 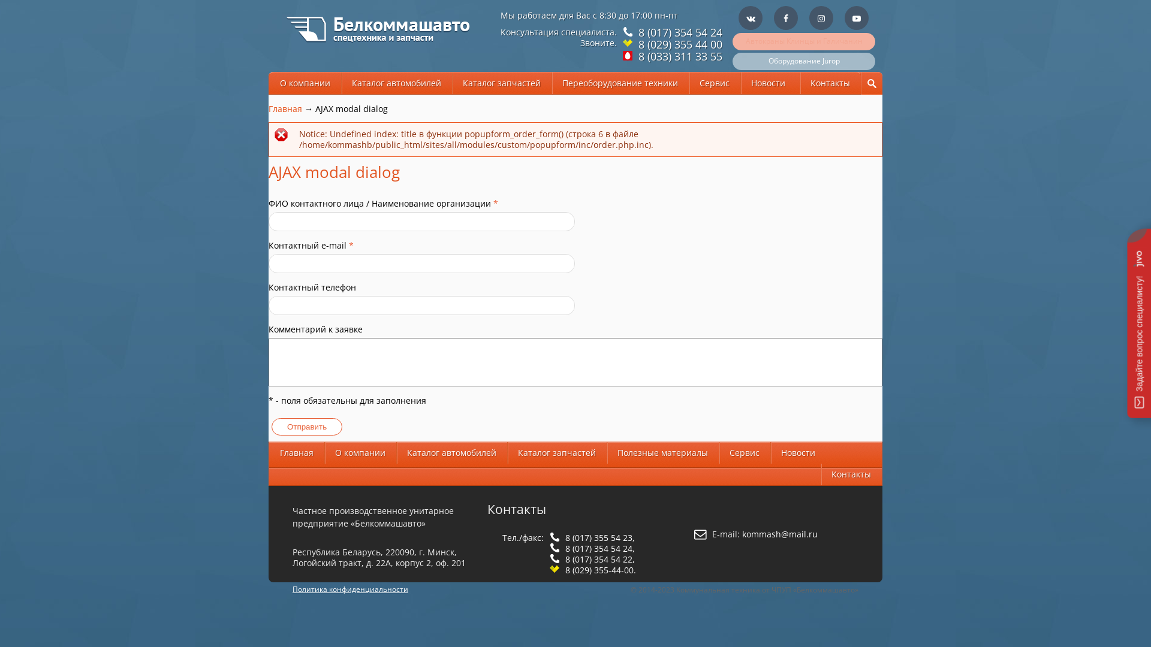 What do you see at coordinates (779, 533) in the screenshot?
I see `'kommash@mail.ru'` at bounding box center [779, 533].